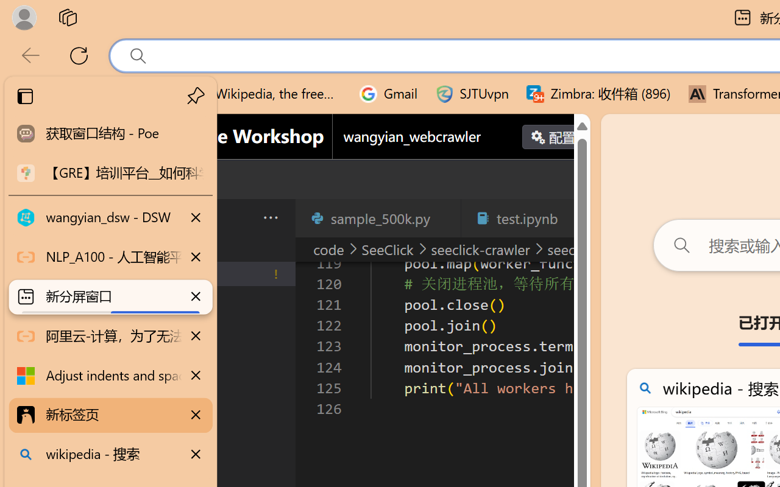 The width and height of the screenshot is (780, 487). Describe the element at coordinates (266, 94) in the screenshot. I see `'Wikipedia, the free encyclopedia'` at that location.